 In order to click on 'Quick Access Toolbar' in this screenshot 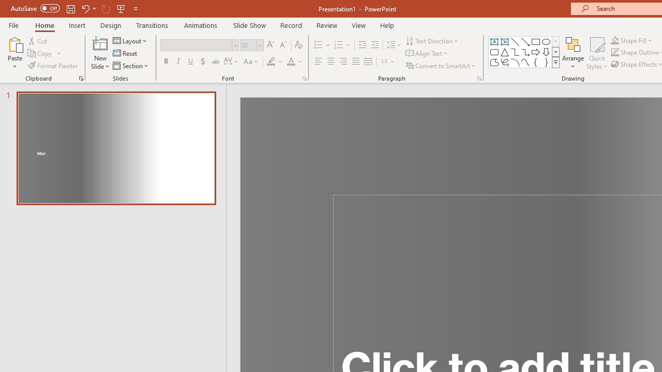, I will do `click(74, 8)`.